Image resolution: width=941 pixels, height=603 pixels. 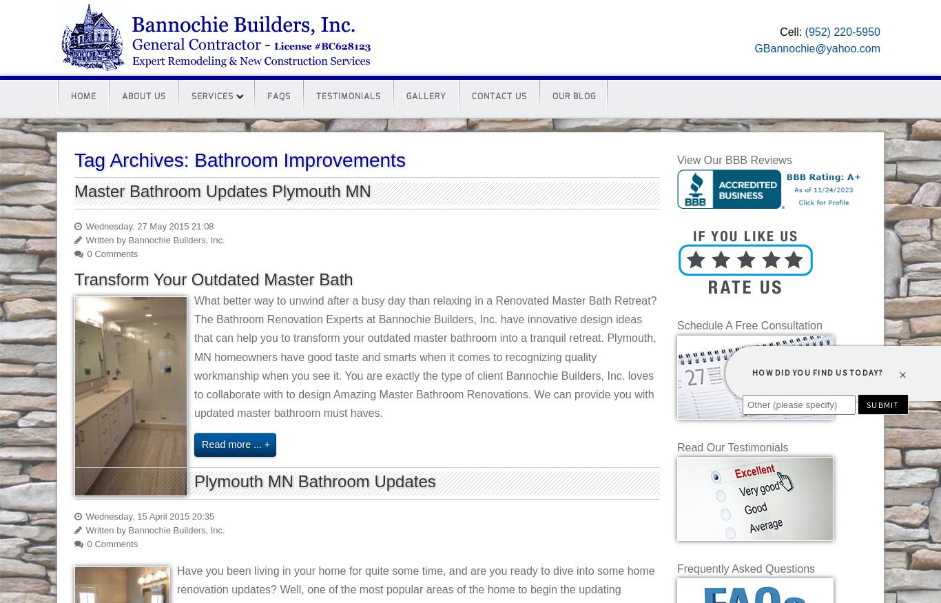 What do you see at coordinates (424, 356) in the screenshot?
I see `'What better way to unwind after a busy day than relaxing in a Renovated Master Bath Retreat? The Bathroom Renovation Experts at Bannochie Builders, Inc. have innovative design ideas that can help you to transform your outdated master bathroom into a tranquil retreat. Plymouth, MN homeowners have good taste and smarts when it comes to recognizing quality workmanship when you see it. You are exactly the type of client Bannochie Builders, Inc. loves to collaborate with to design Amazing Master Bathroom Renovations. We can provide you with updated master bathroom must haves.'` at bounding box center [424, 356].